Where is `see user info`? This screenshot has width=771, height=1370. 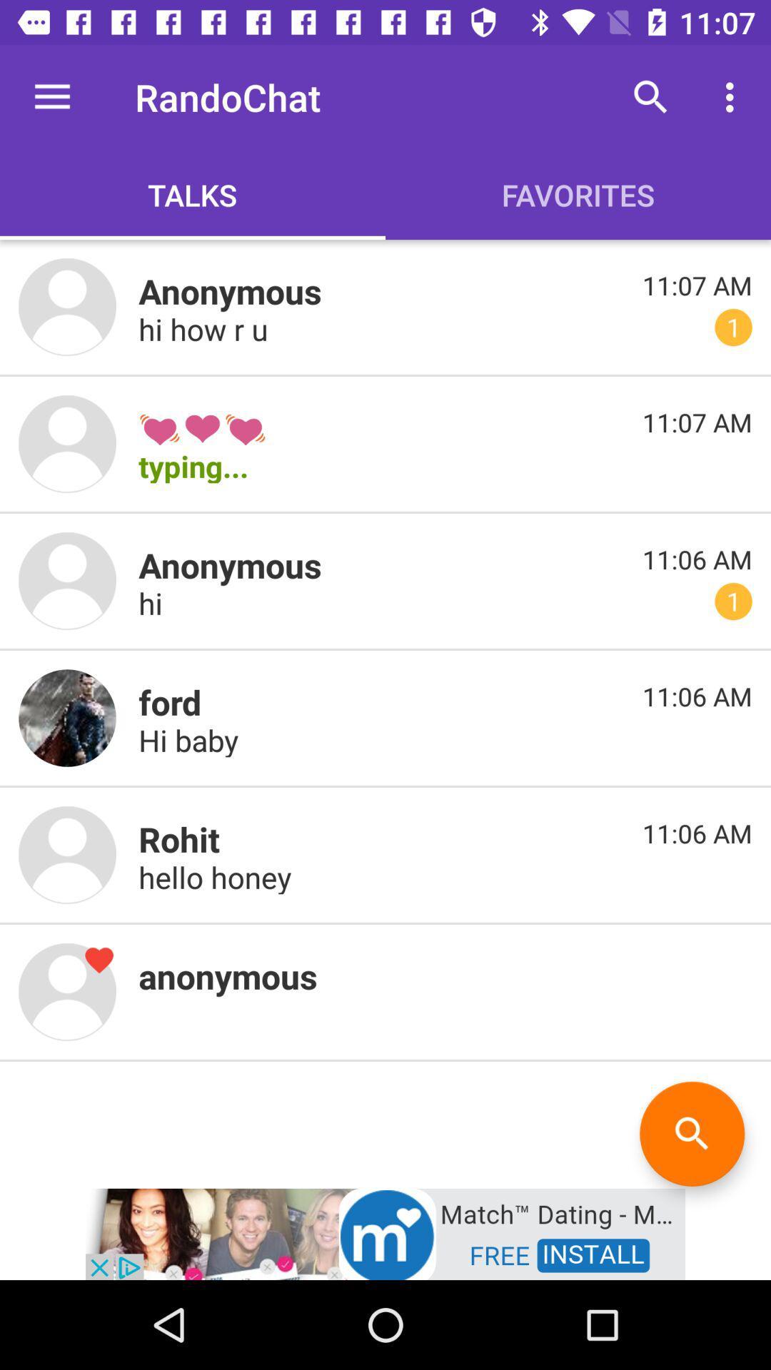 see user info is located at coordinates (67, 855).